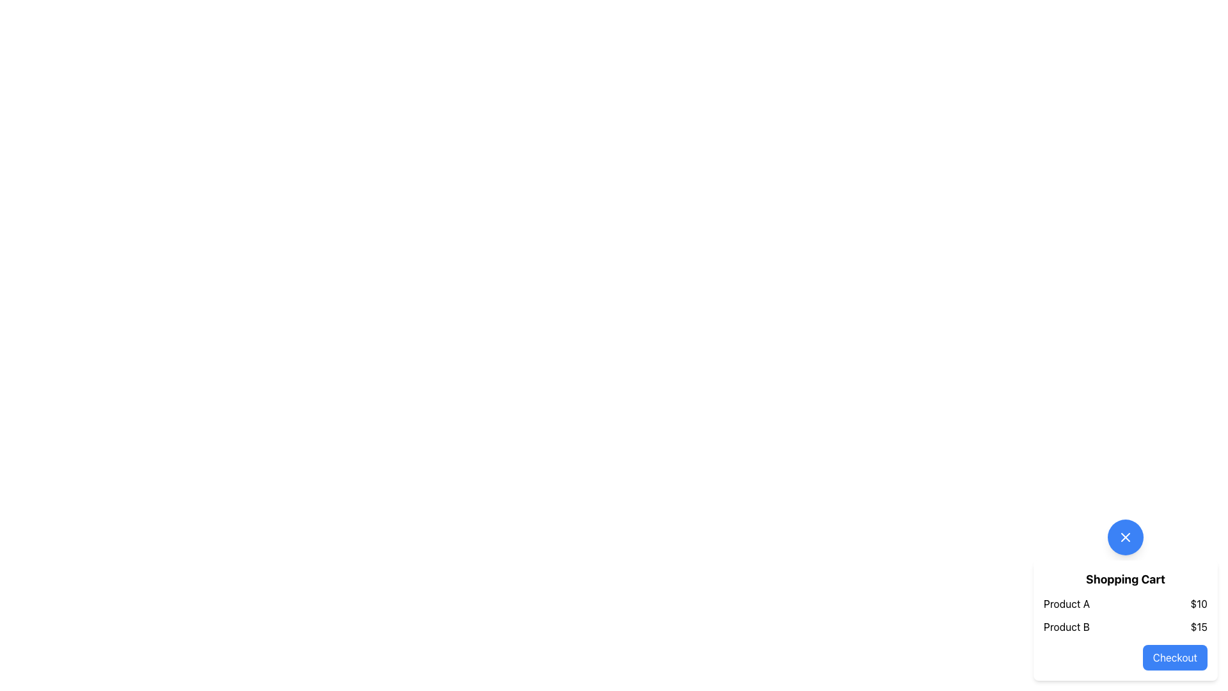  I want to click on the 'X' icon button, which is a white icon inside a circular blue background located at the top-center of a card-like UI component, so click(1126, 537).